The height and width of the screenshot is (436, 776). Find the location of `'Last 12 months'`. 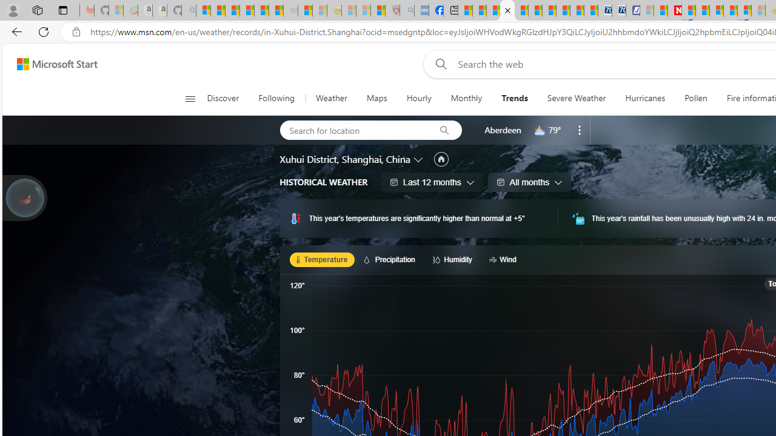

'Last 12 months' is located at coordinates (432, 182).